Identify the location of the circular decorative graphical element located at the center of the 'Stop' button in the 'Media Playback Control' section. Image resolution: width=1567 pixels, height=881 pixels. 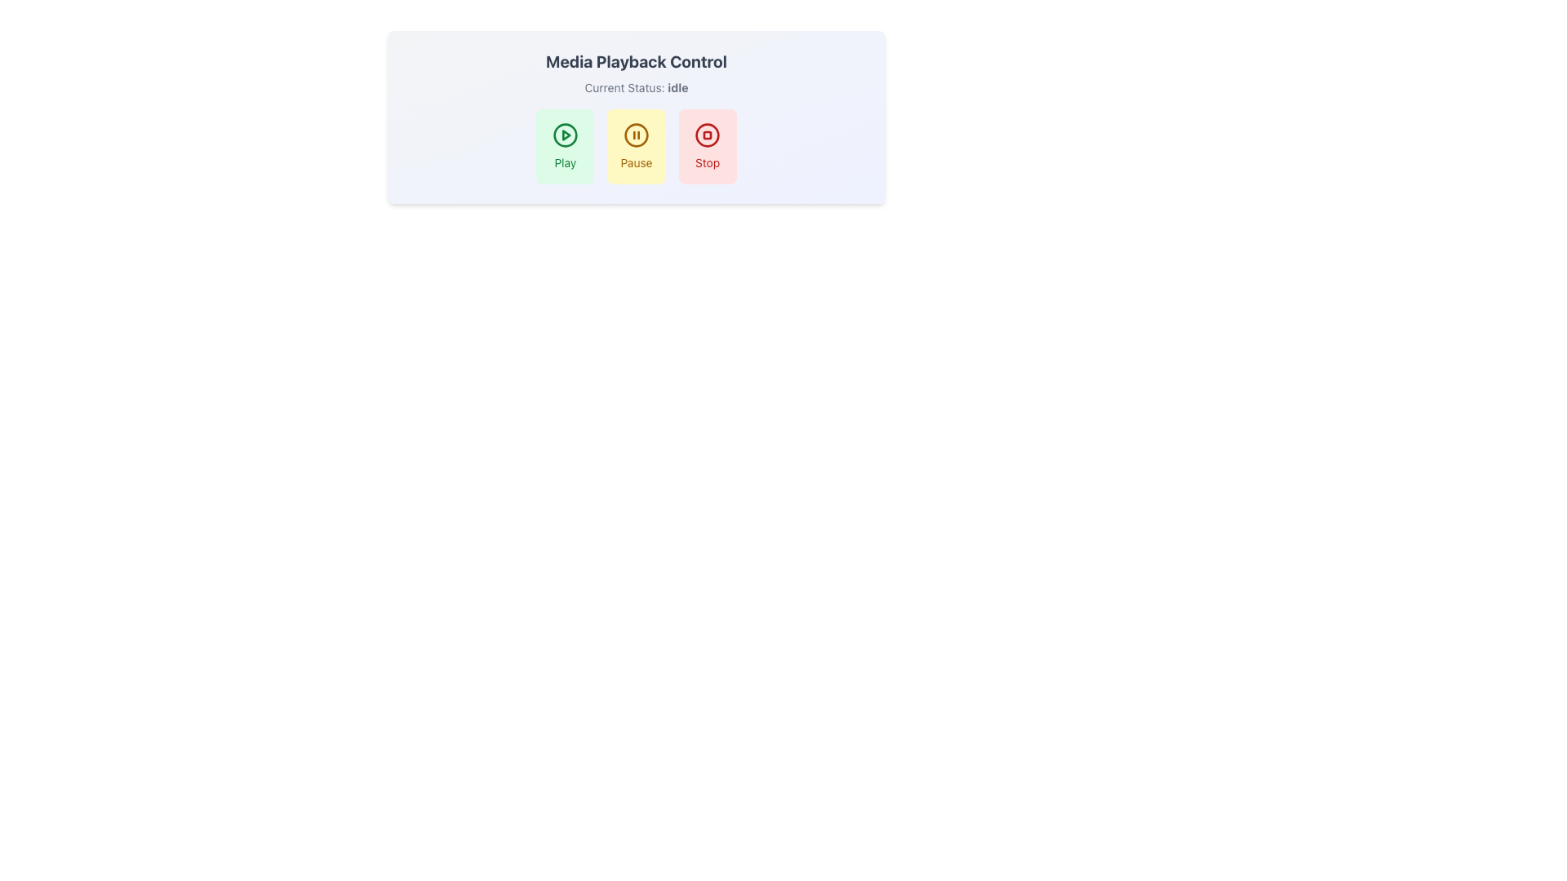
(708, 134).